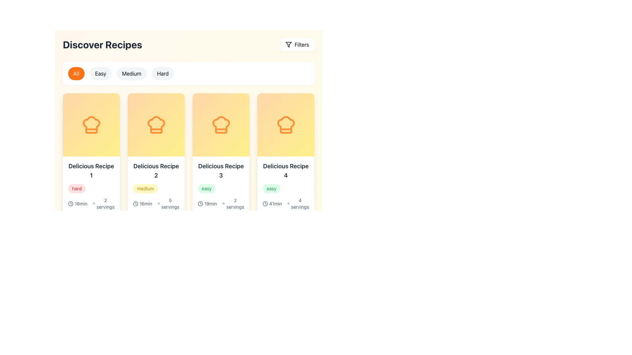 The image size is (632, 355). Describe the element at coordinates (93, 203) in the screenshot. I see `the serving size information icon located to the left of the '2 servings' text in the first recipe card` at that location.